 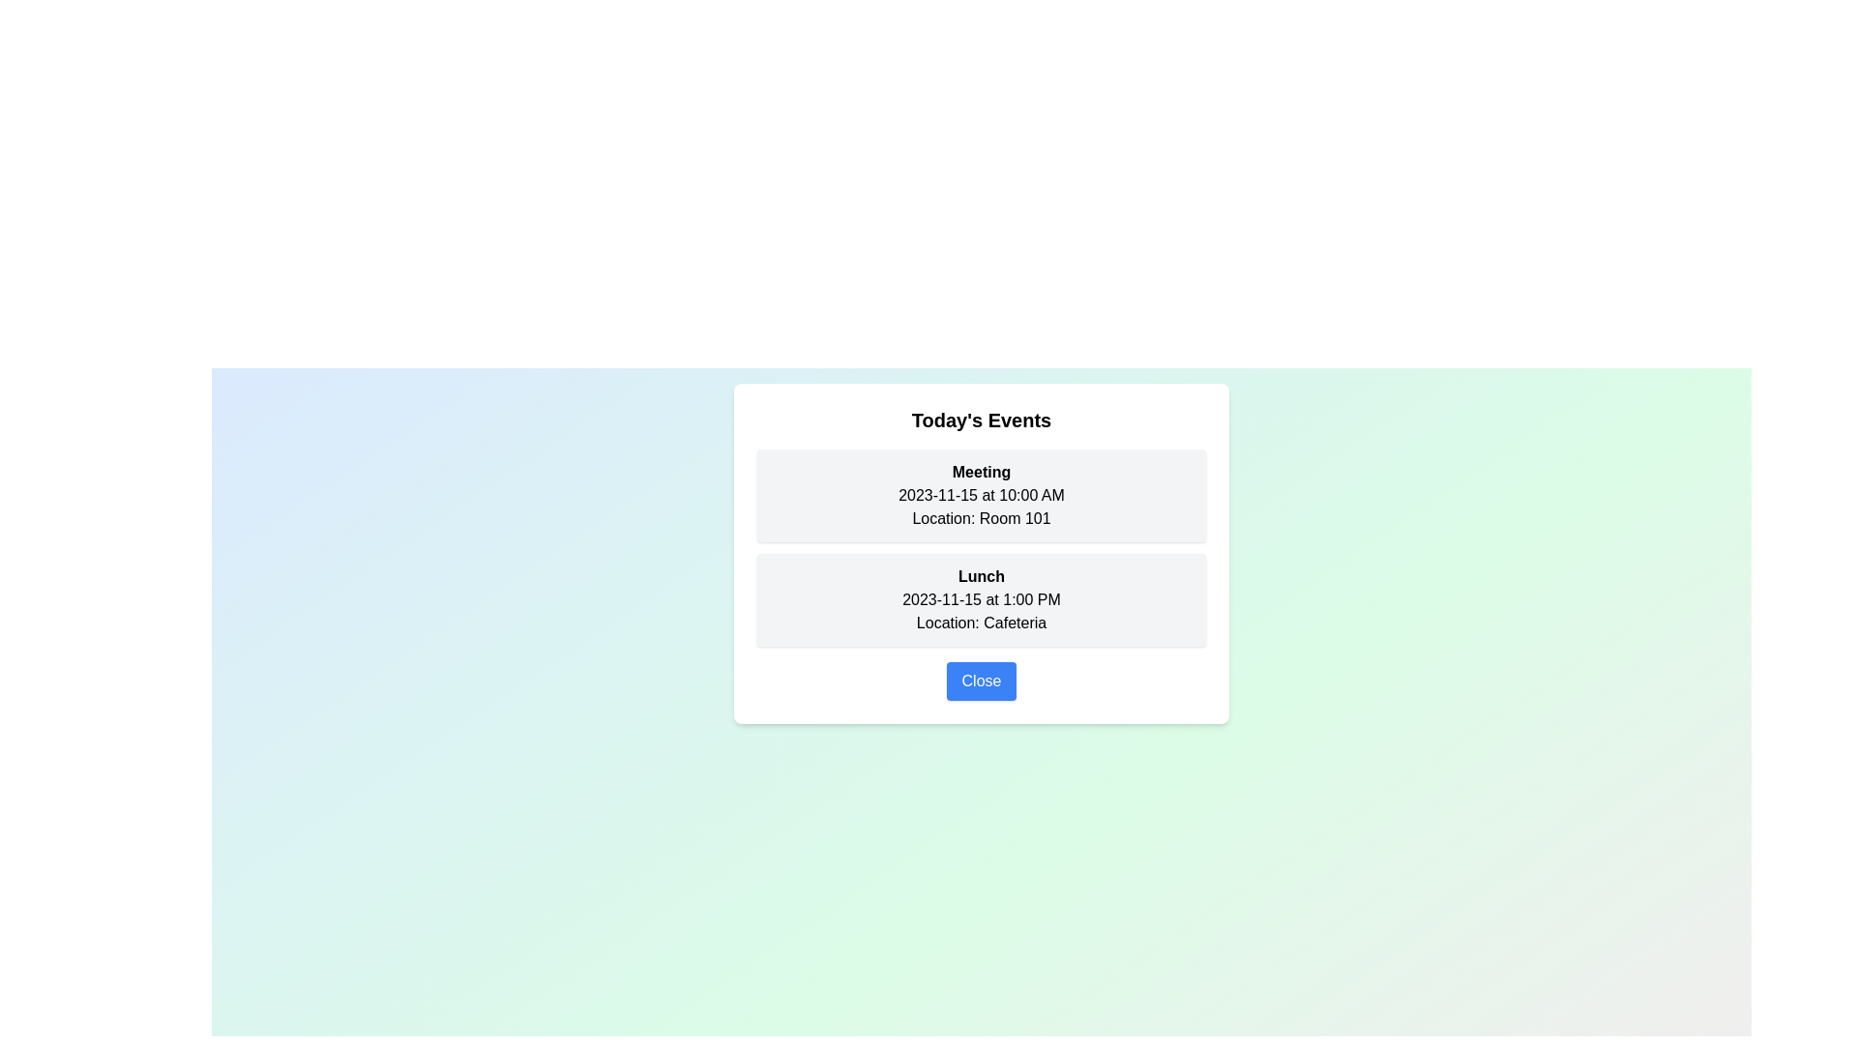 What do you see at coordinates (981, 890) in the screenshot?
I see `the background gradient` at bounding box center [981, 890].